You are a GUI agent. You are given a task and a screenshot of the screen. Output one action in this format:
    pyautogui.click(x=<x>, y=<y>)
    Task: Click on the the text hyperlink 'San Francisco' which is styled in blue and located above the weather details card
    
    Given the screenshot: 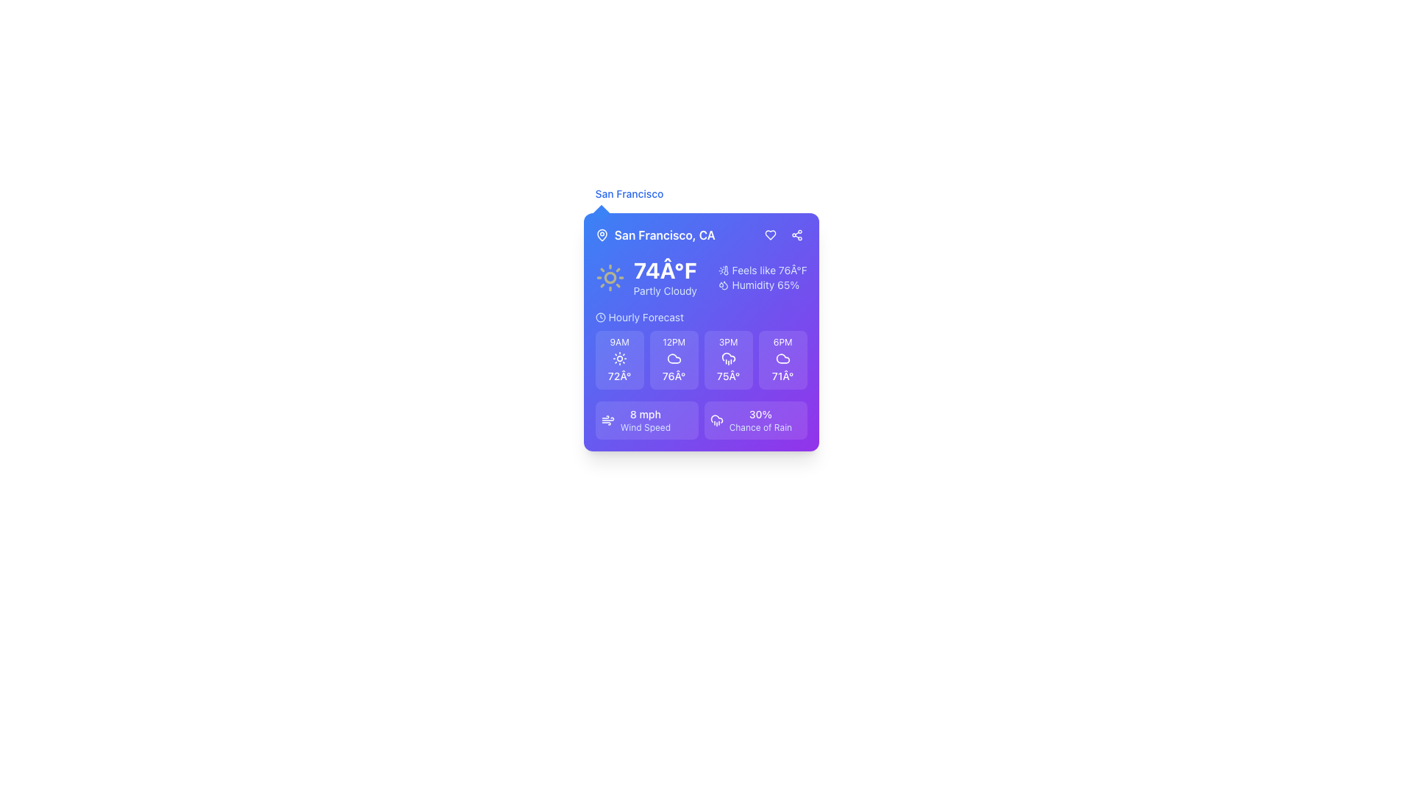 What is the action you would take?
    pyautogui.click(x=629, y=193)
    